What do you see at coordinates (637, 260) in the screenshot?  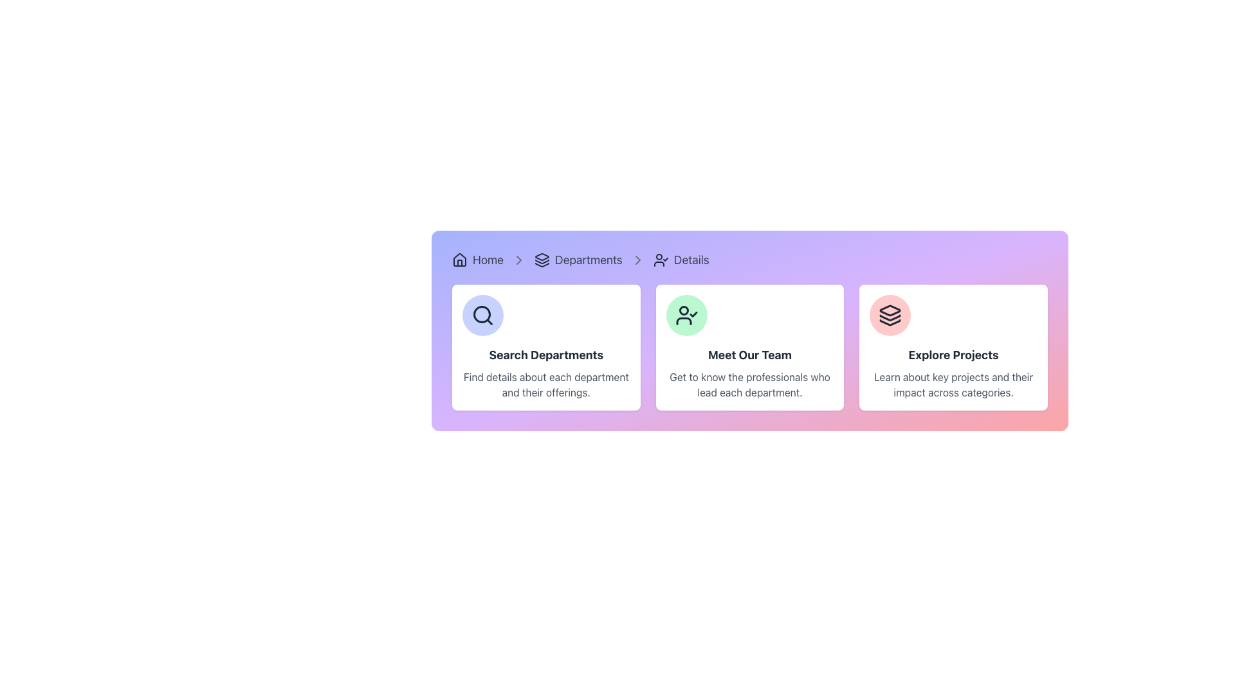 I see `the right-pointing arrow icon in the breadcrumb navigation bar, which is styled in gray and located between the 'Departments' and 'Details' text links` at bounding box center [637, 260].